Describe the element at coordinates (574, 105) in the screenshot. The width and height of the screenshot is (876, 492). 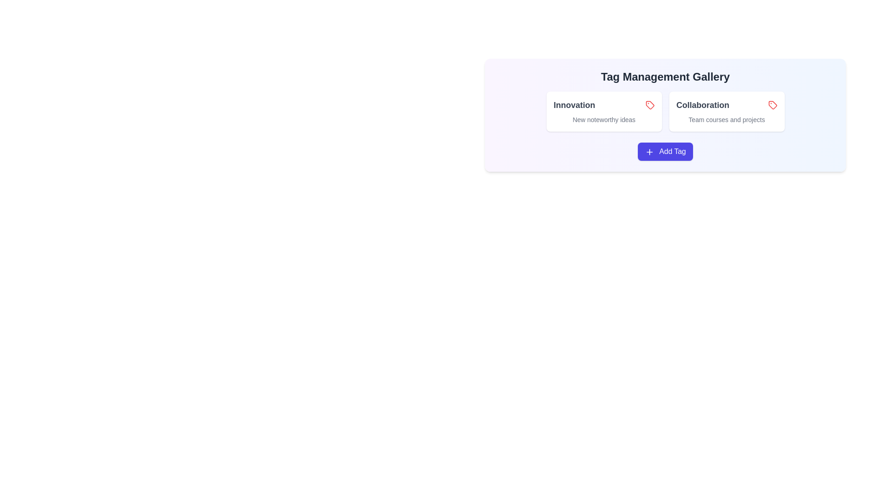
I see `the Text Label which is positioned at the top-left of a group of elements in the card layout, serving as a title or category for the item` at that location.